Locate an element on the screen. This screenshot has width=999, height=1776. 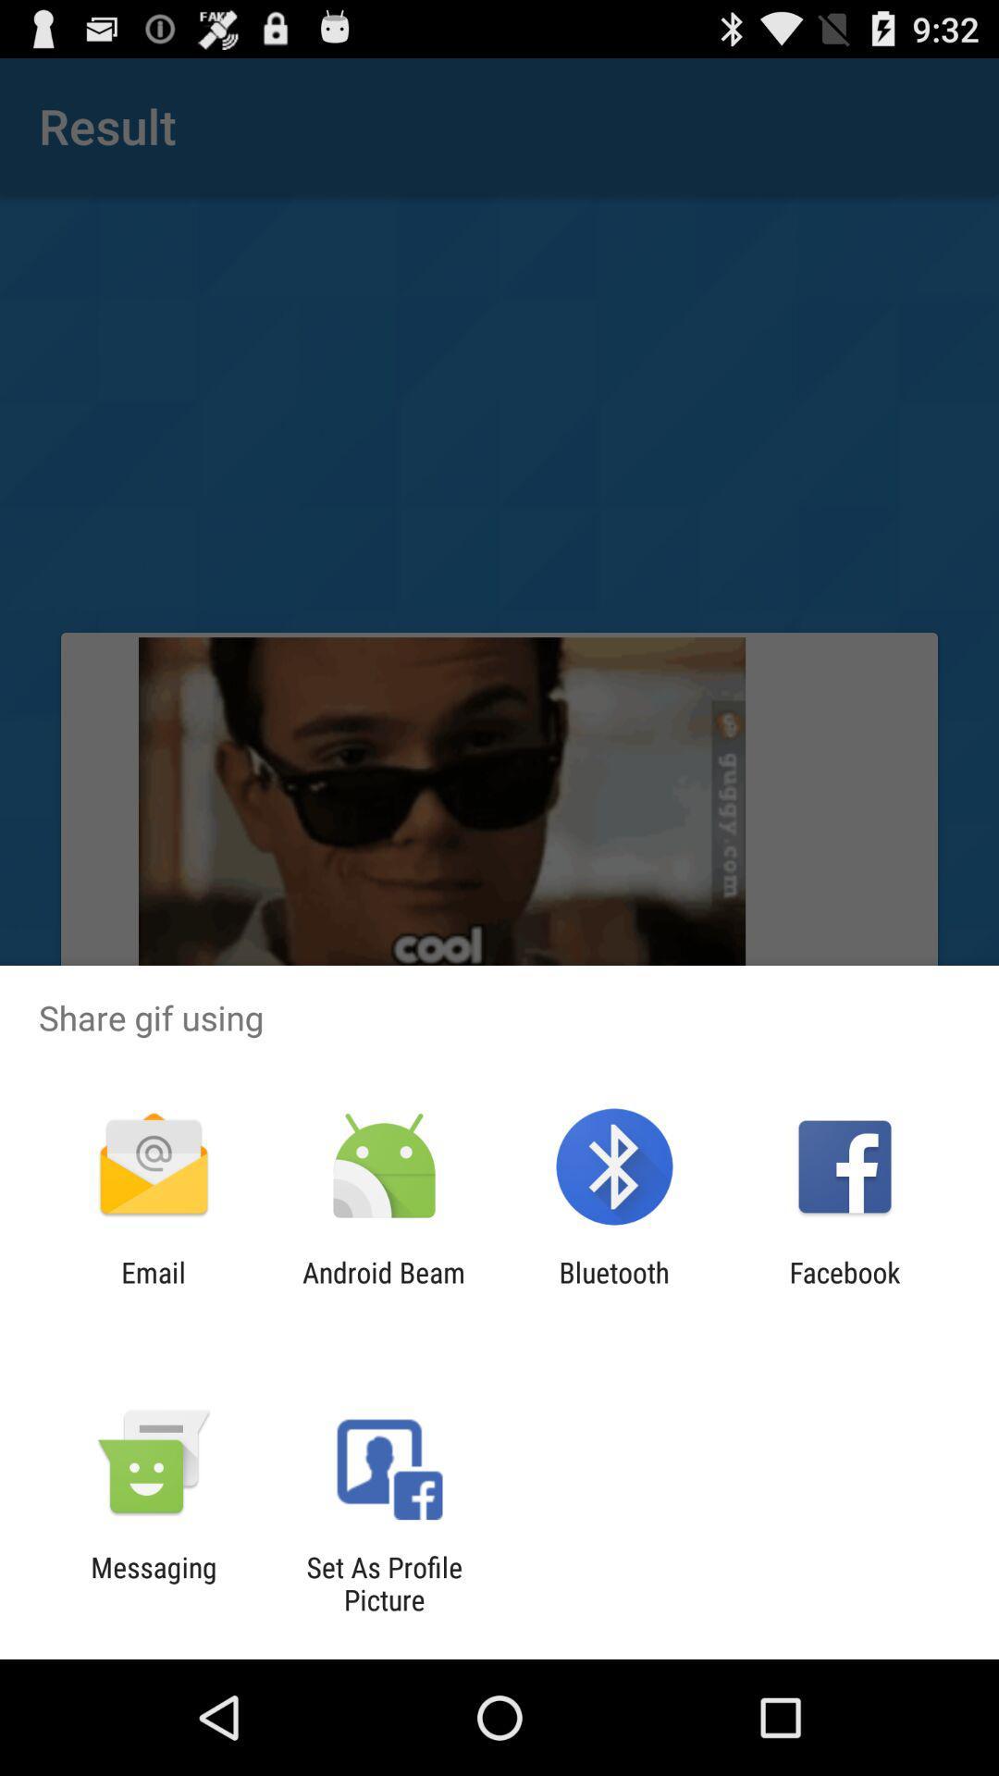
app next to the android beam item is located at coordinates (614, 1288).